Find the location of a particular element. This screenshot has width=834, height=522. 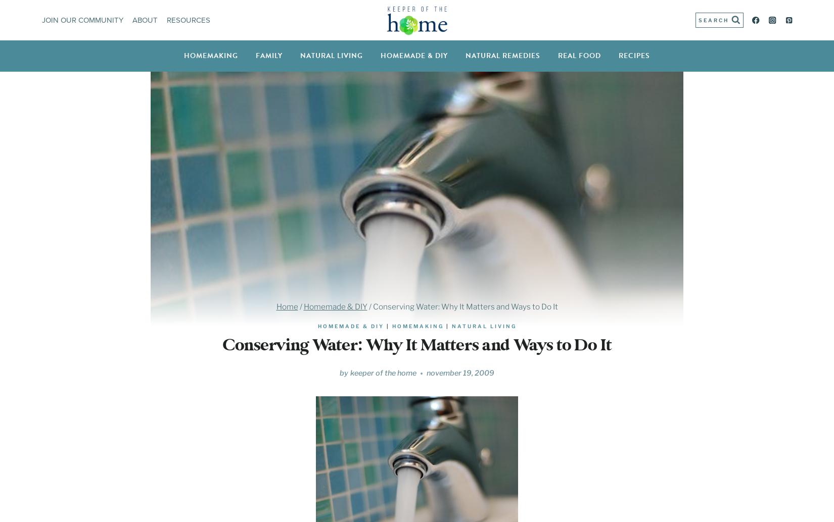

'Resources' is located at coordinates (189, 19).